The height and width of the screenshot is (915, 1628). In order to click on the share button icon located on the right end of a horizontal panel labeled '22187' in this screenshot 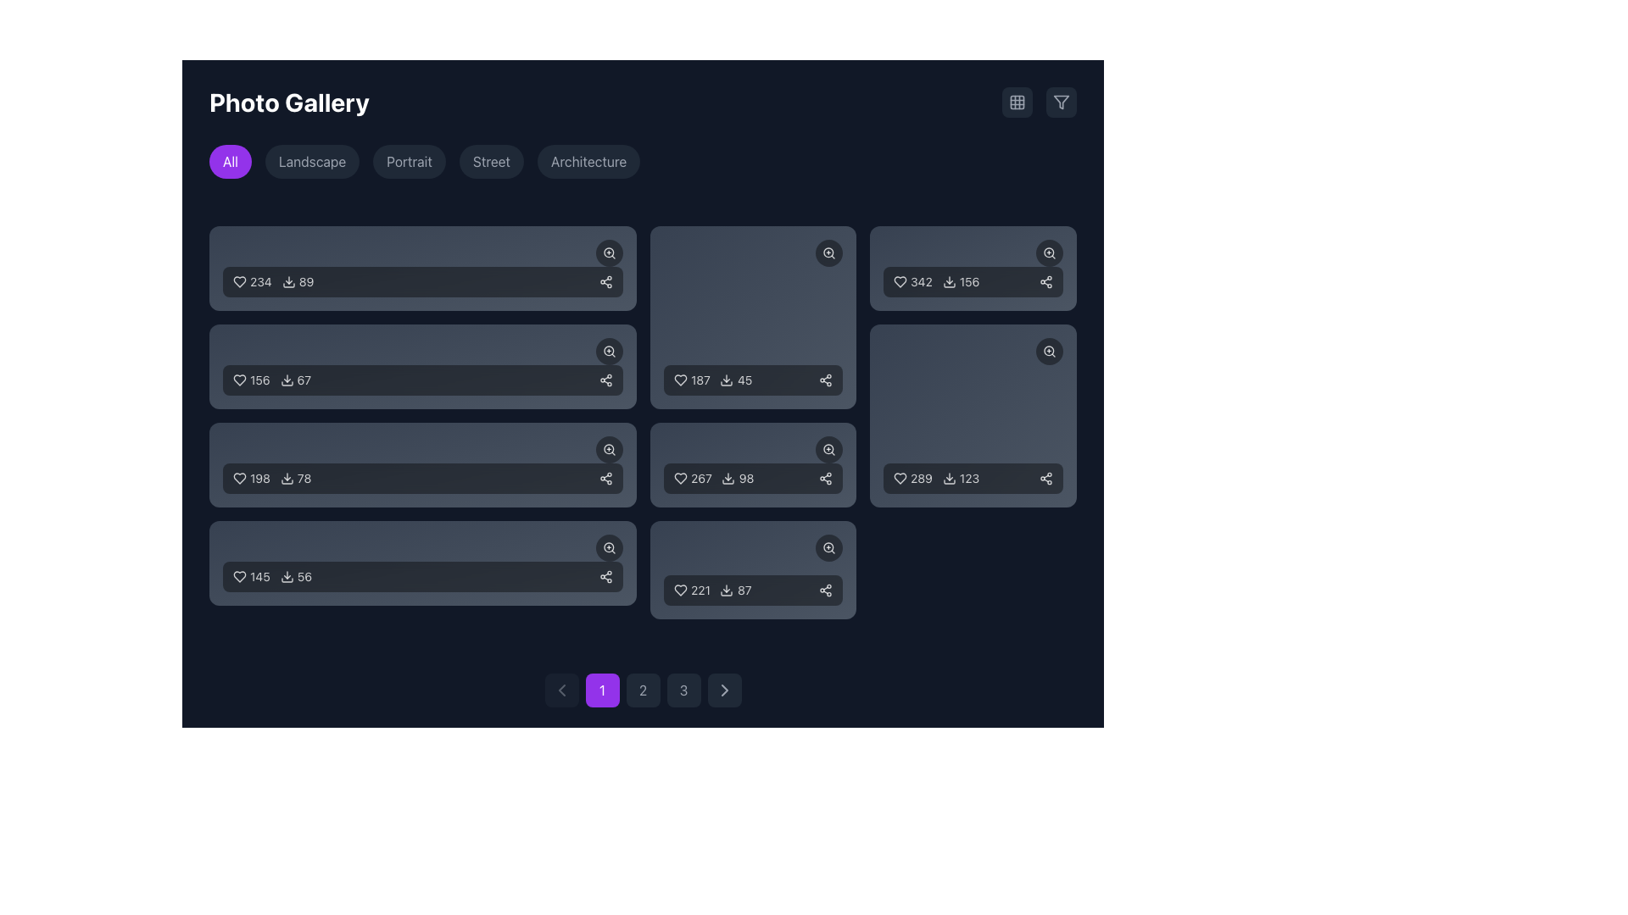, I will do `click(826, 590)`.